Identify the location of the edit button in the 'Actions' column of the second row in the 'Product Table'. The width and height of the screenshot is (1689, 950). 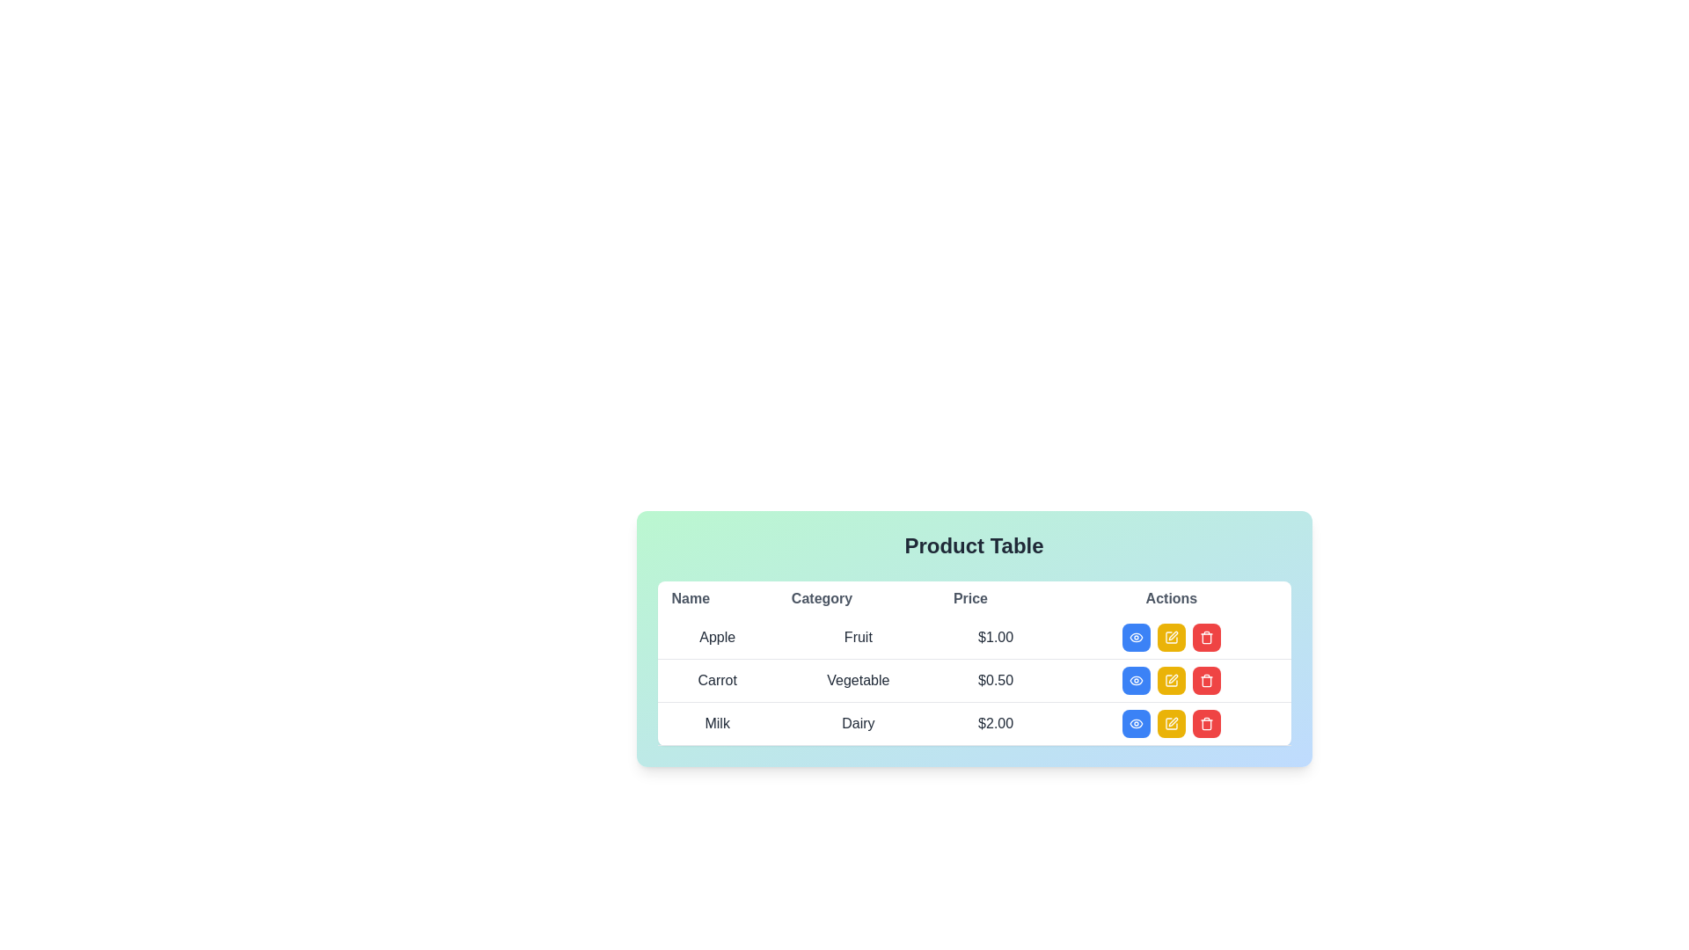
(1171, 680).